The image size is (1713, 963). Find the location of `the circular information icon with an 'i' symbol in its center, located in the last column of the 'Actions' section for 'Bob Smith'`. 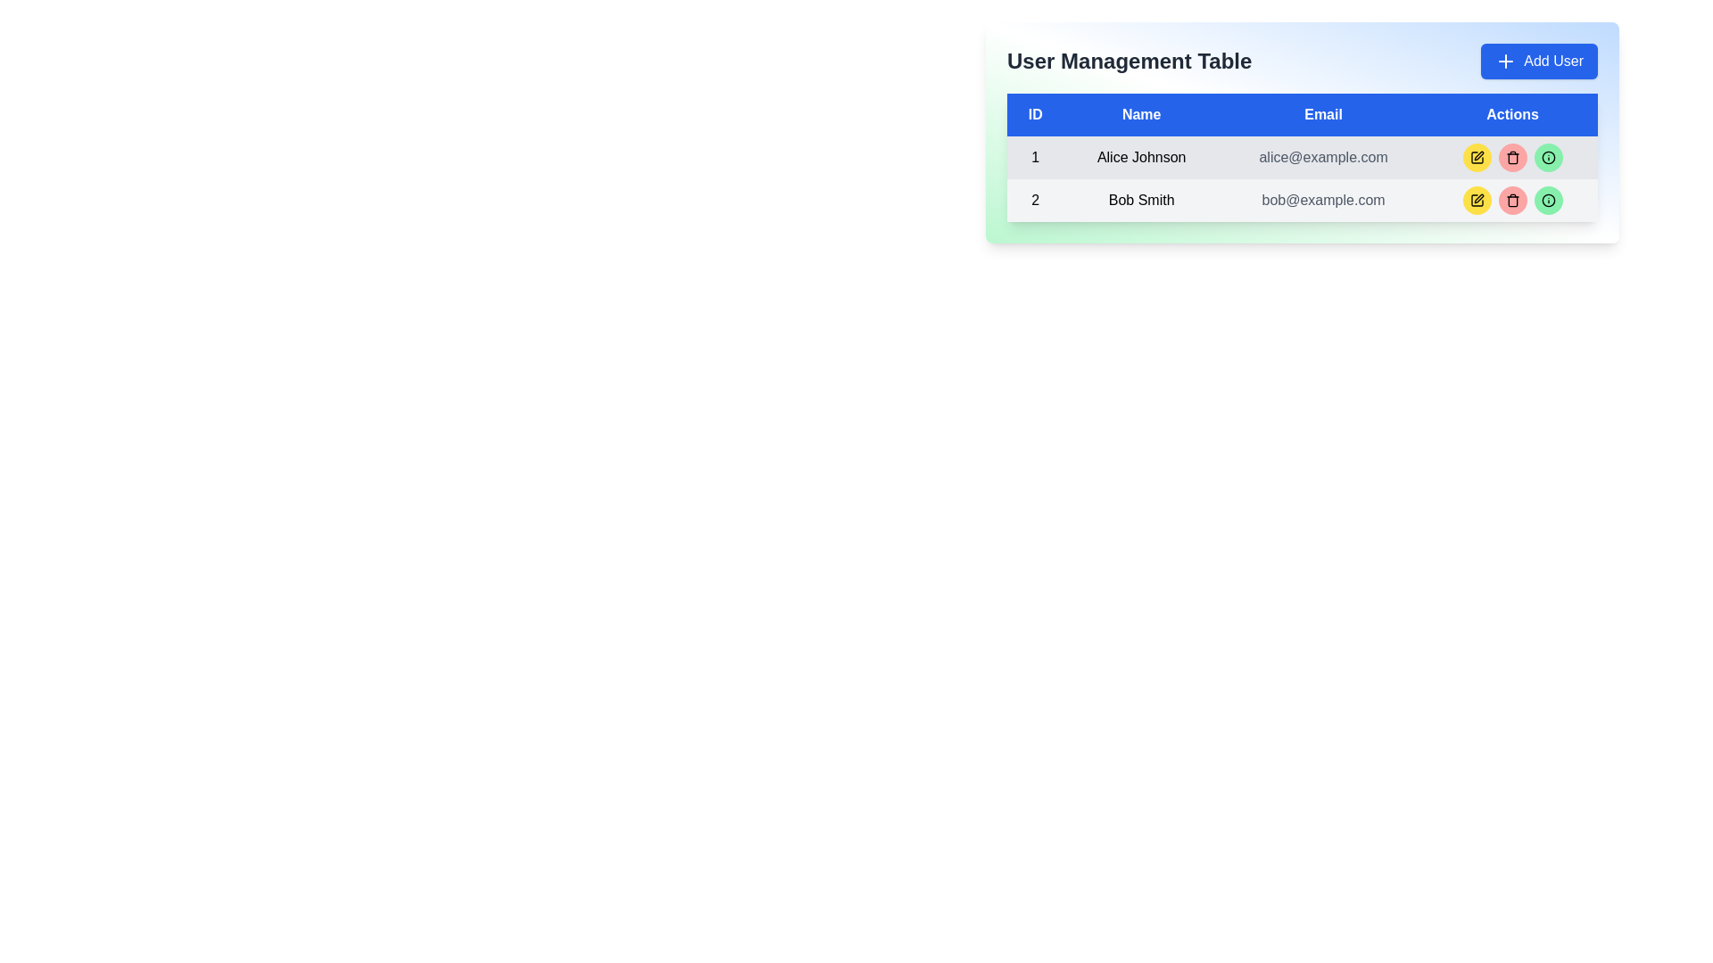

the circular information icon with an 'i' symbol in its center, located in the last column of the 'Actions' section for 'Bob Smith' is located at coordinates (1547, 157).